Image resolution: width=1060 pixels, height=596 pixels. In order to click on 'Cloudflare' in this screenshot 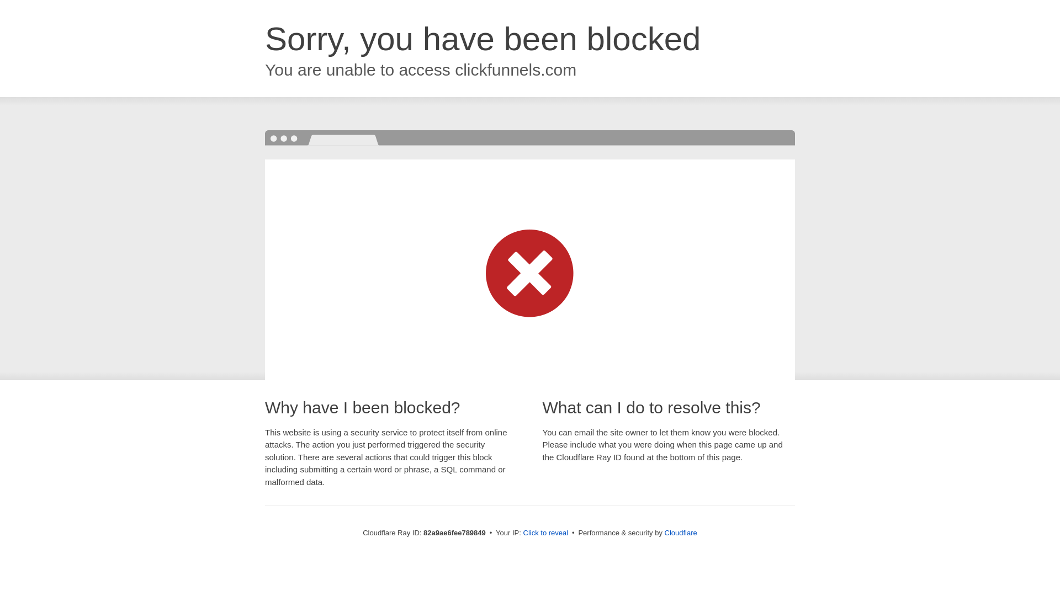, I will do `click(680, 532)`.